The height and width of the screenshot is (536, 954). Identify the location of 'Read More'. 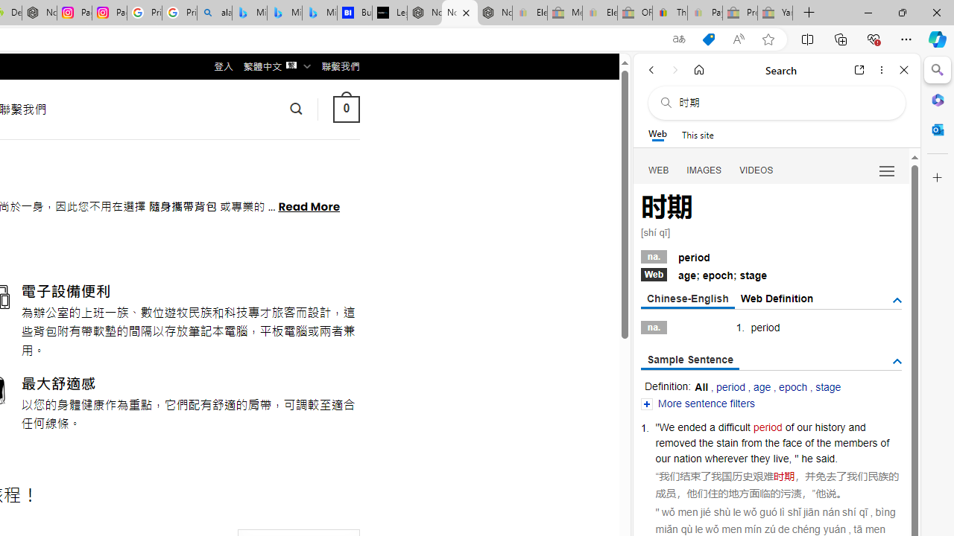
(308, 205).